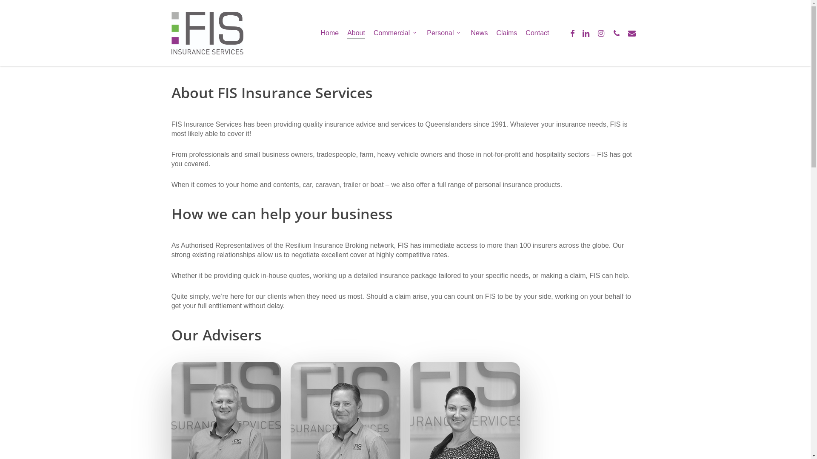 This screenshot has height=459, width=817. I want to click on 'phone', so click(608, 32).